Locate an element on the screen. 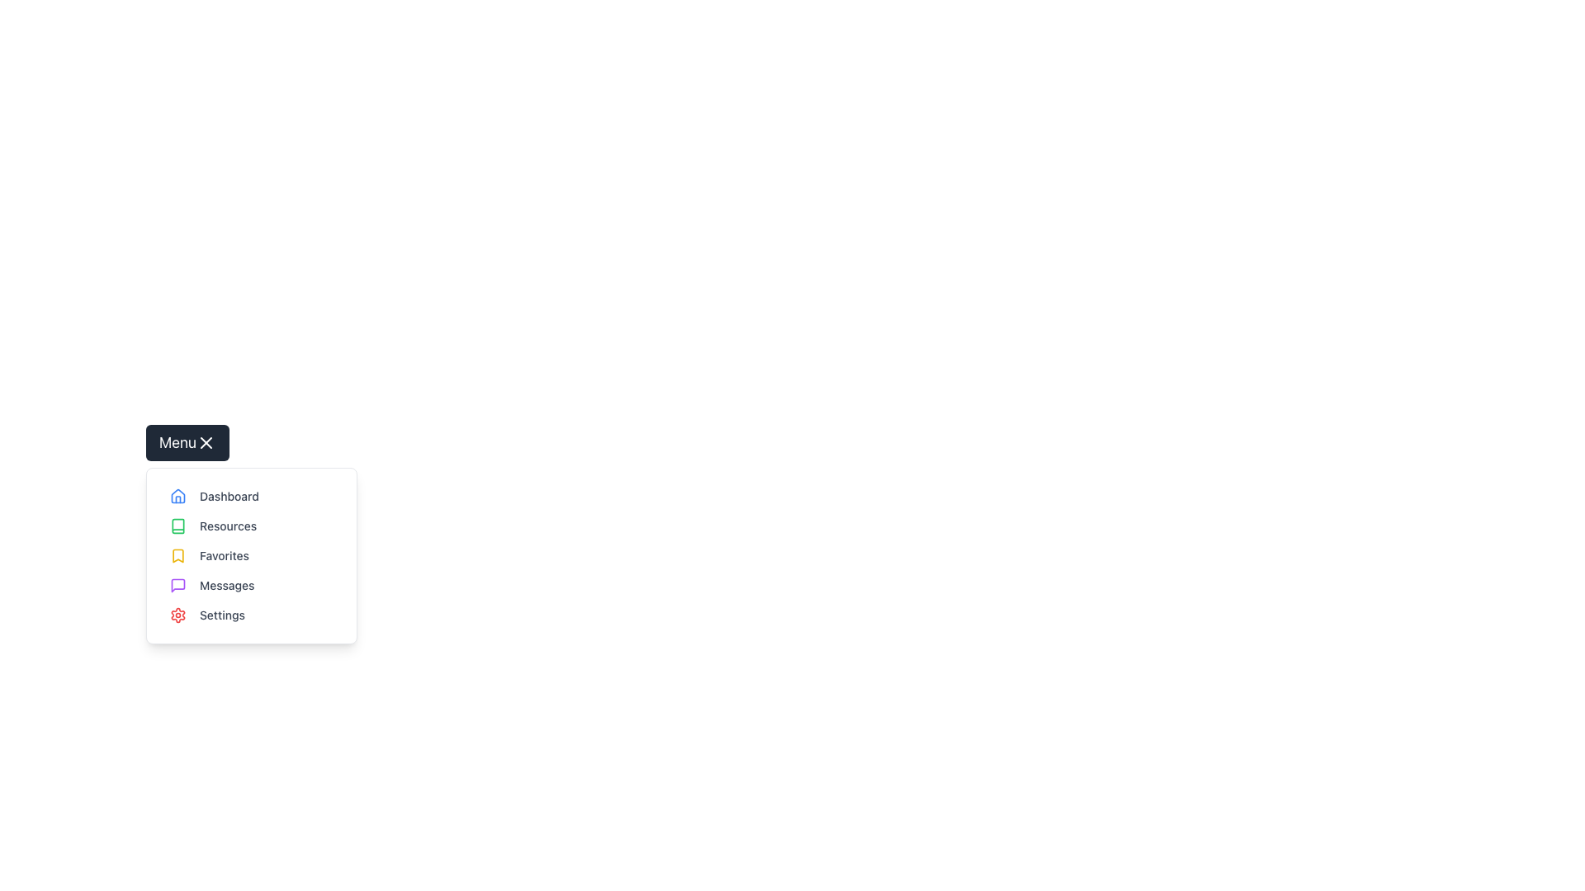  the 'Dashboard' text label in the sidebar navigation menu is located at coordinates (229, 495).